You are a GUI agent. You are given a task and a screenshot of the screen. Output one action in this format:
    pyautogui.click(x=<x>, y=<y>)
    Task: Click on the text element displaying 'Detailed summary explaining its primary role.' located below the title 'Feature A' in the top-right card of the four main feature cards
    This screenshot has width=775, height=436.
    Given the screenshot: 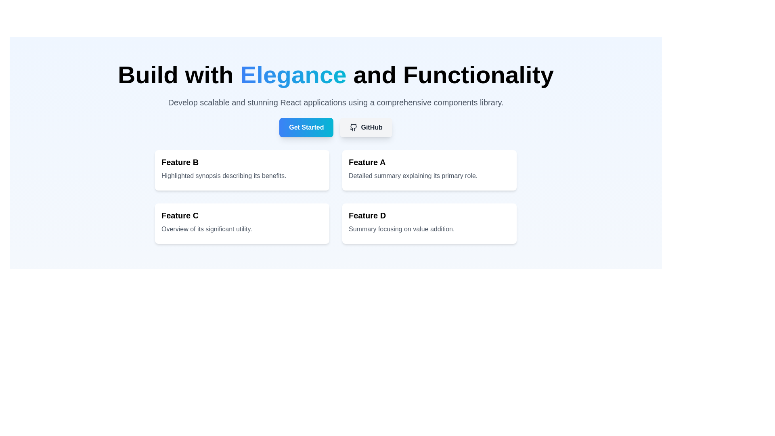 What is the action you would take?
    pyautogui.click(x=429, y=175)
    